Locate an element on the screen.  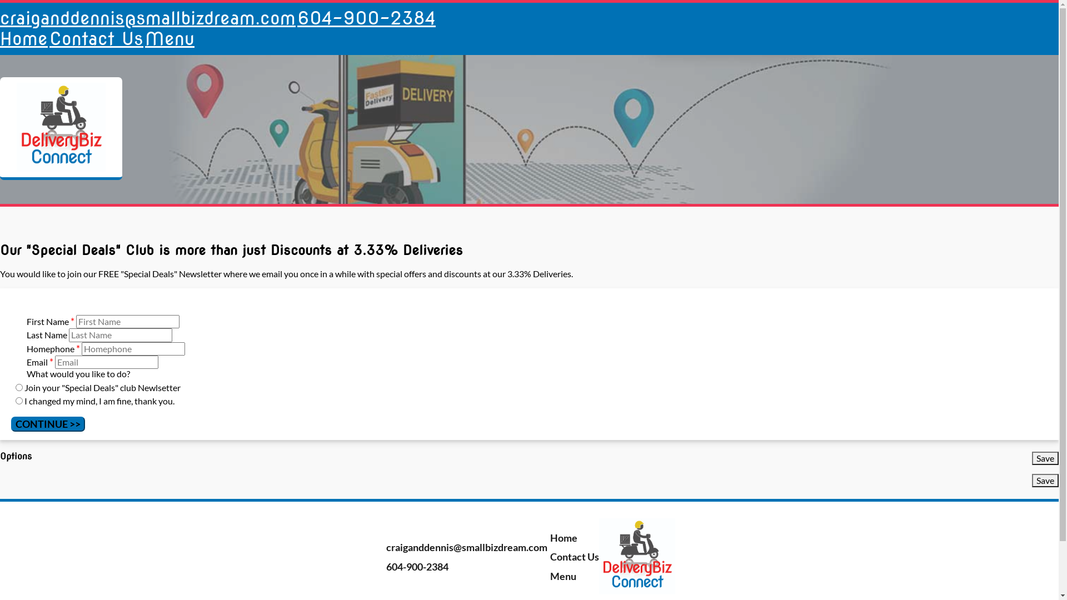
'Contact Us' is located at coordinates (96, 38).